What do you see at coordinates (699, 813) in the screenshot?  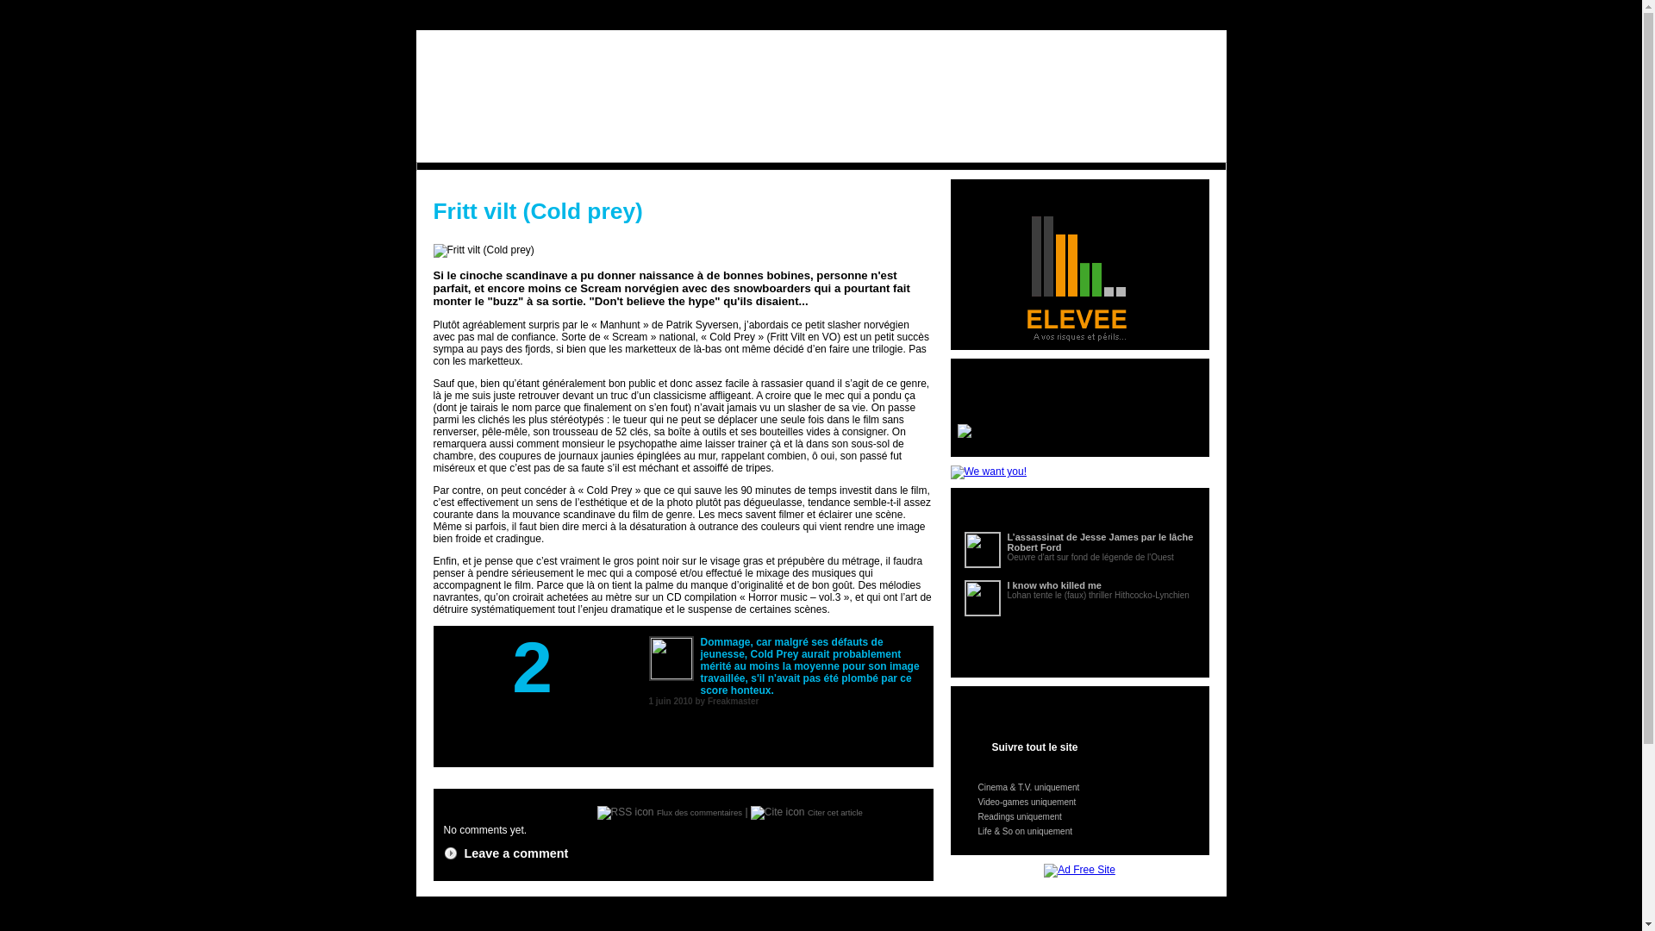 I see `'Flux des commentaires'` at bounding box center [699, 813].